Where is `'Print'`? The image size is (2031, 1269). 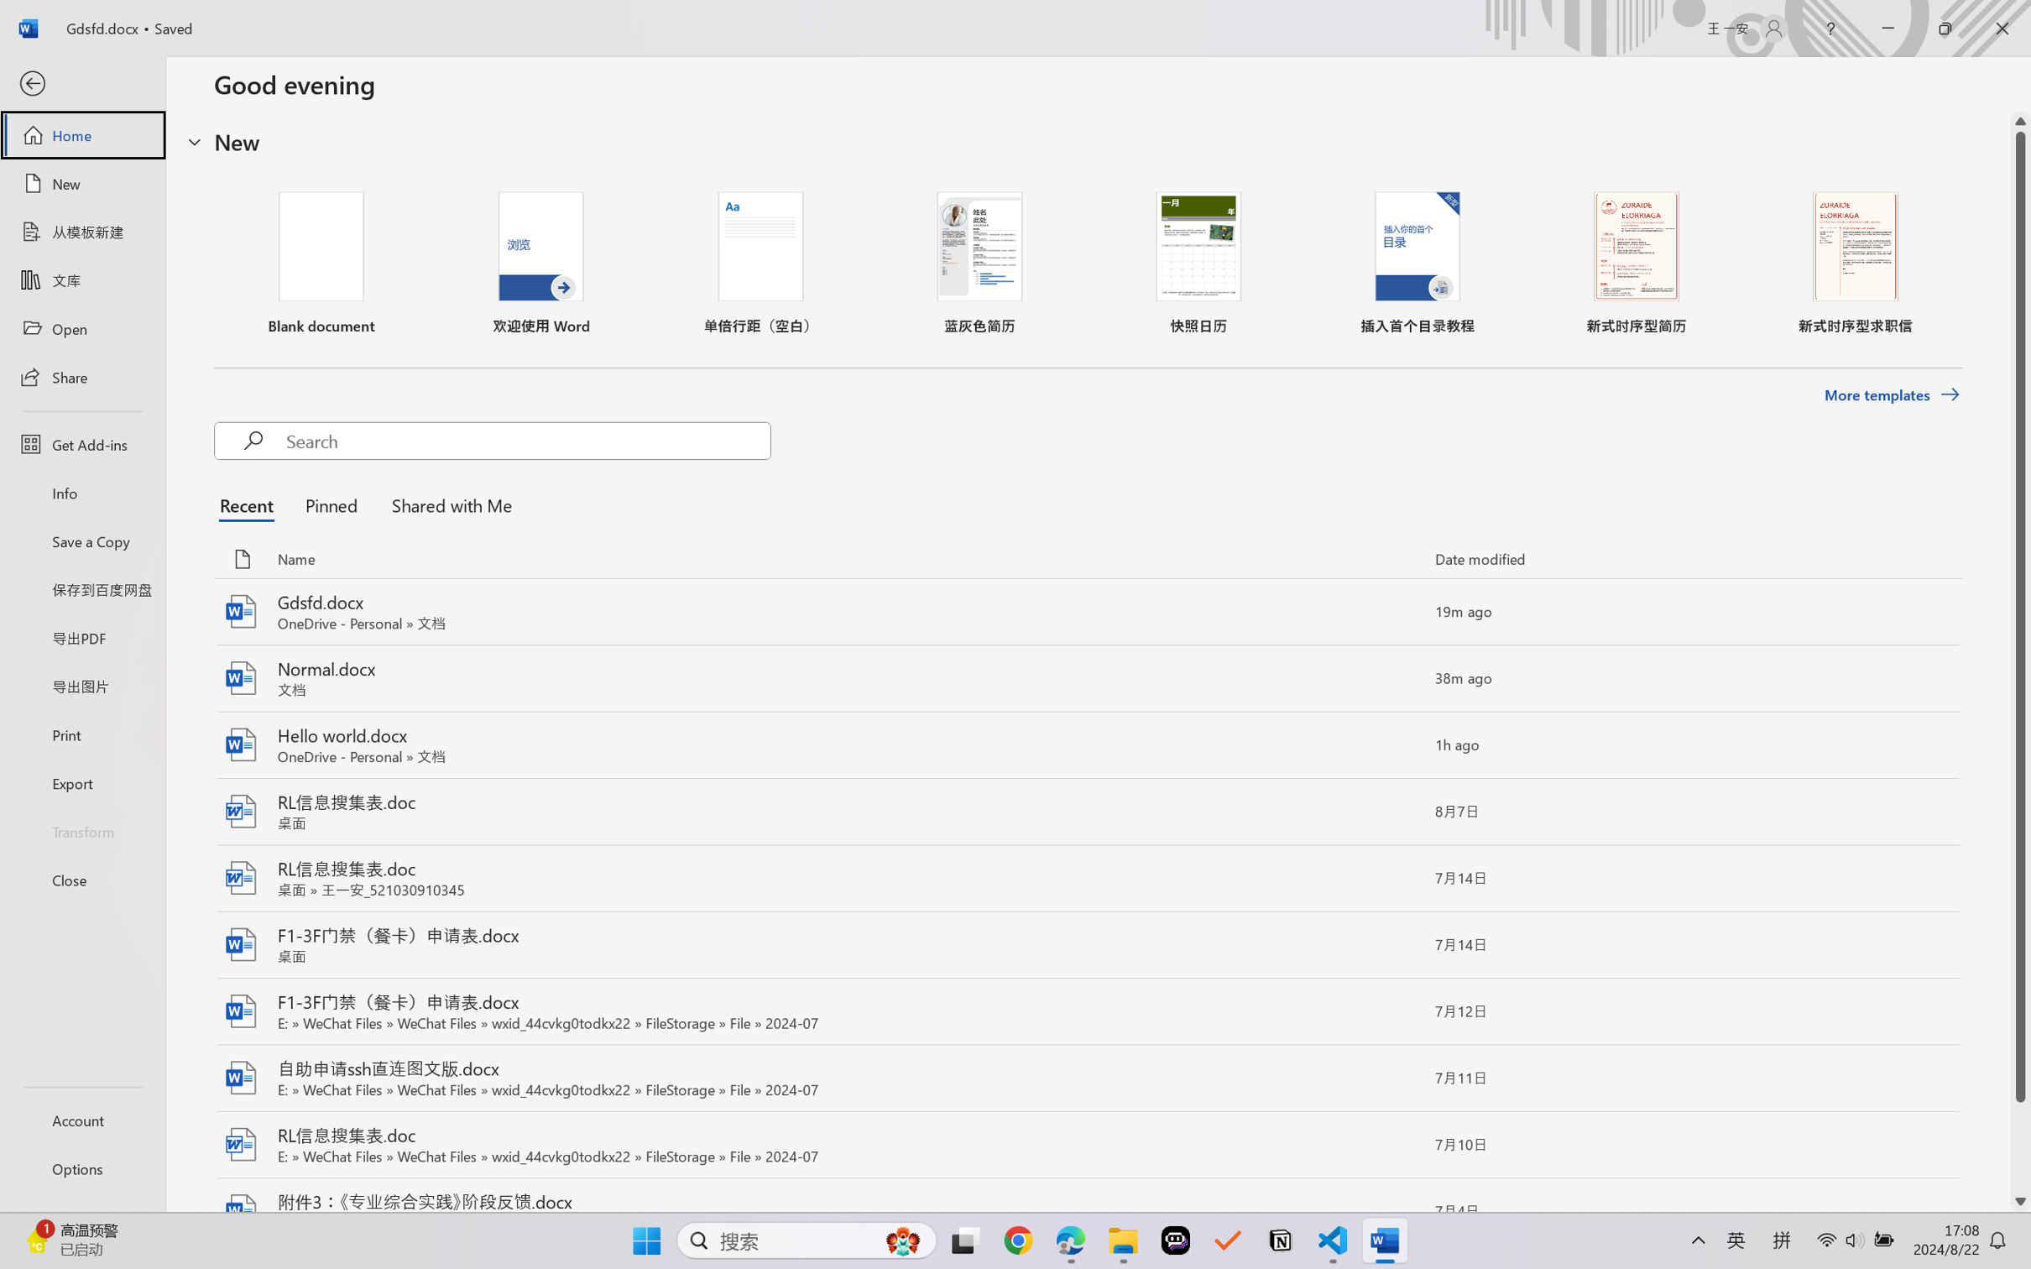 'Print' is located at coordinates (81, 734).